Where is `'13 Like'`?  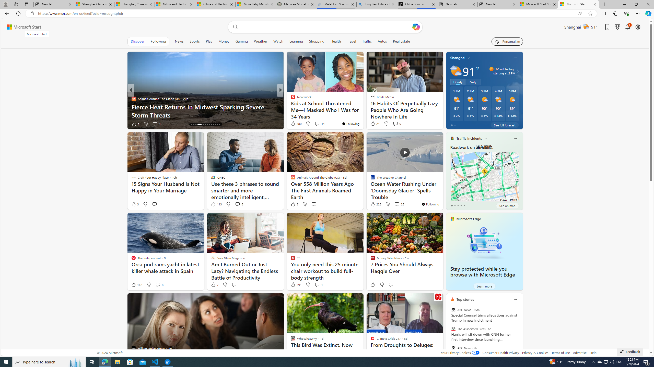 '13 Like' is located at coordinates (293, 124).